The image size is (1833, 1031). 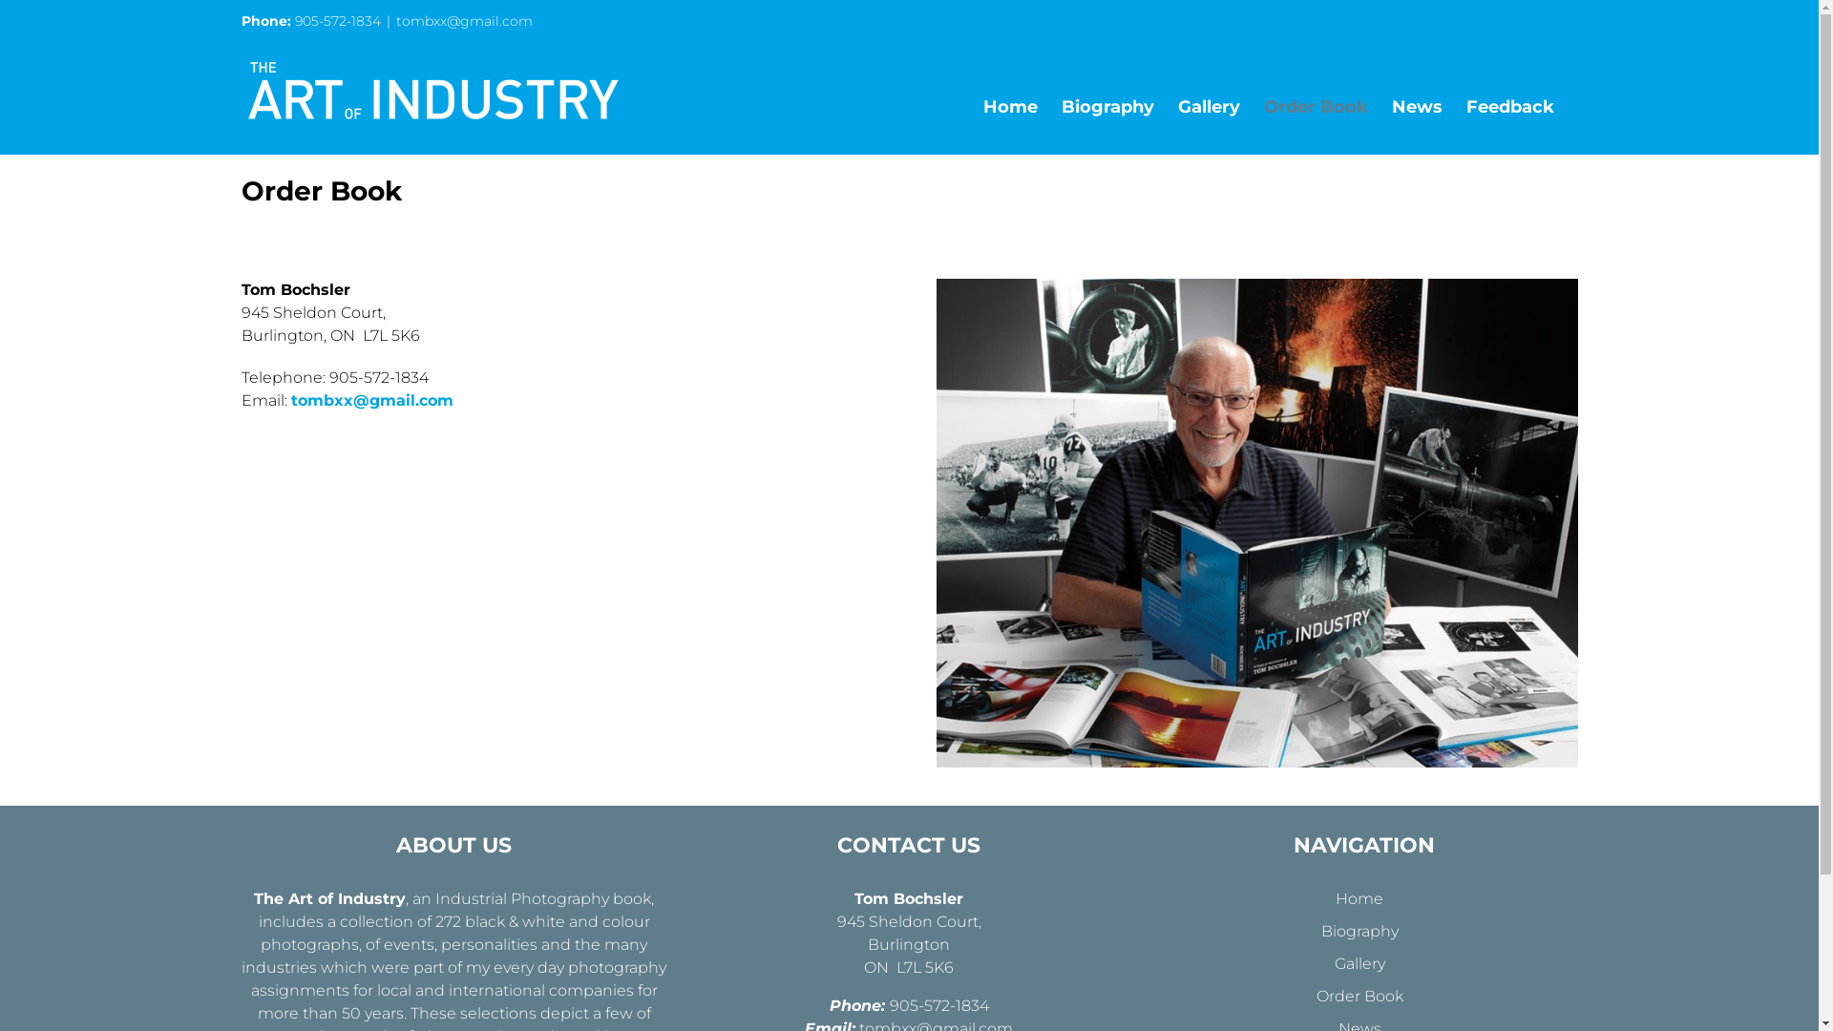 What do you see at coordinates (1359, 930) in the screenshot?
I see `'Biography'` at bounding box center [1359, 930].